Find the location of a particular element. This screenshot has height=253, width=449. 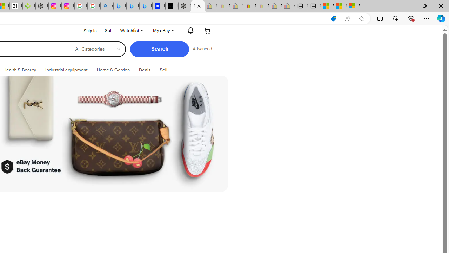

'Home & Garden' is located at coordinates (113, 70).